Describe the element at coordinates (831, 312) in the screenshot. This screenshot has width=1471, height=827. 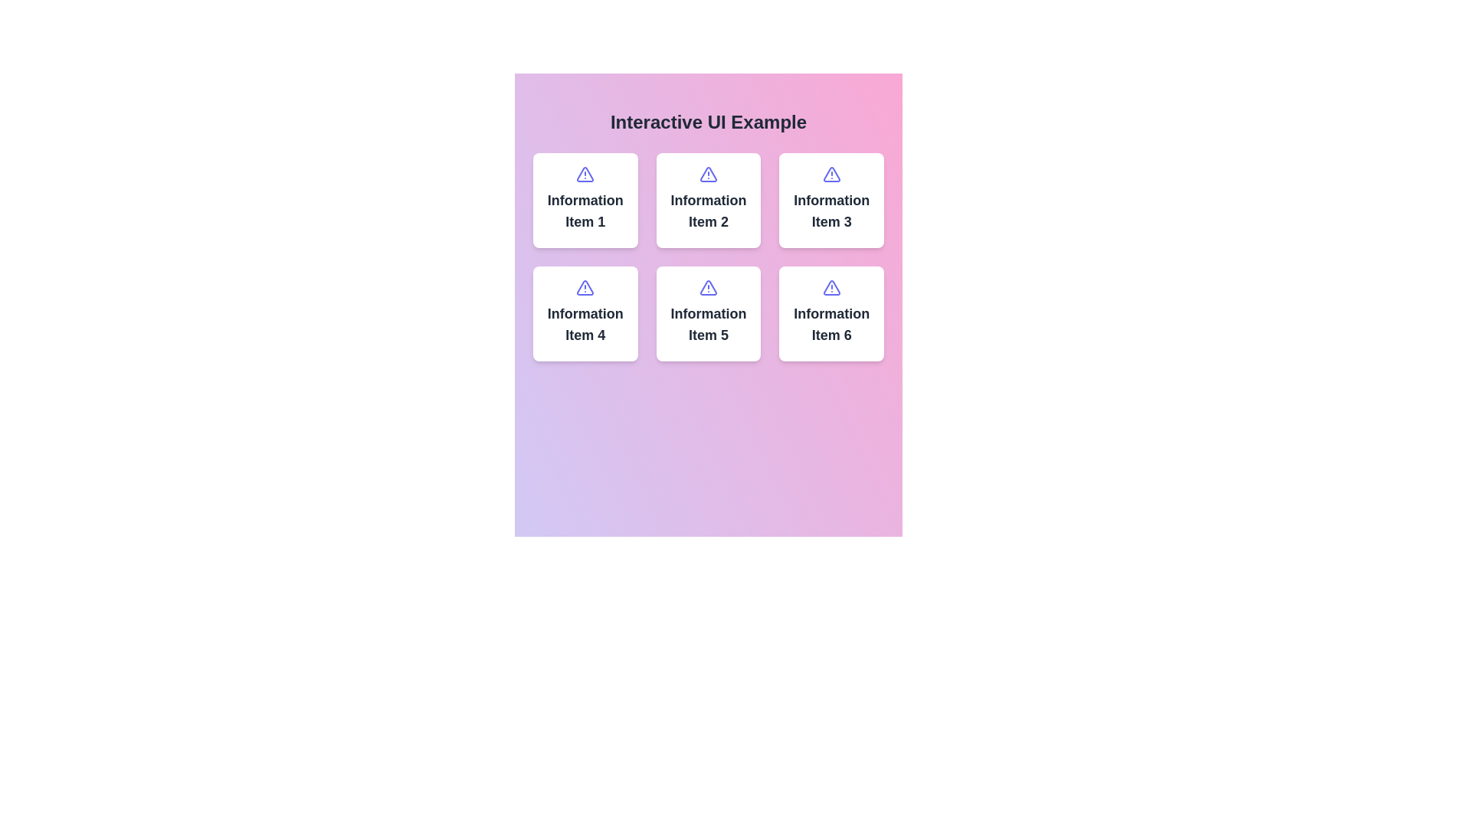
I see `the information card labeled 'Information Item 6', located in the bottom-right corner of the grid layout` at that location.